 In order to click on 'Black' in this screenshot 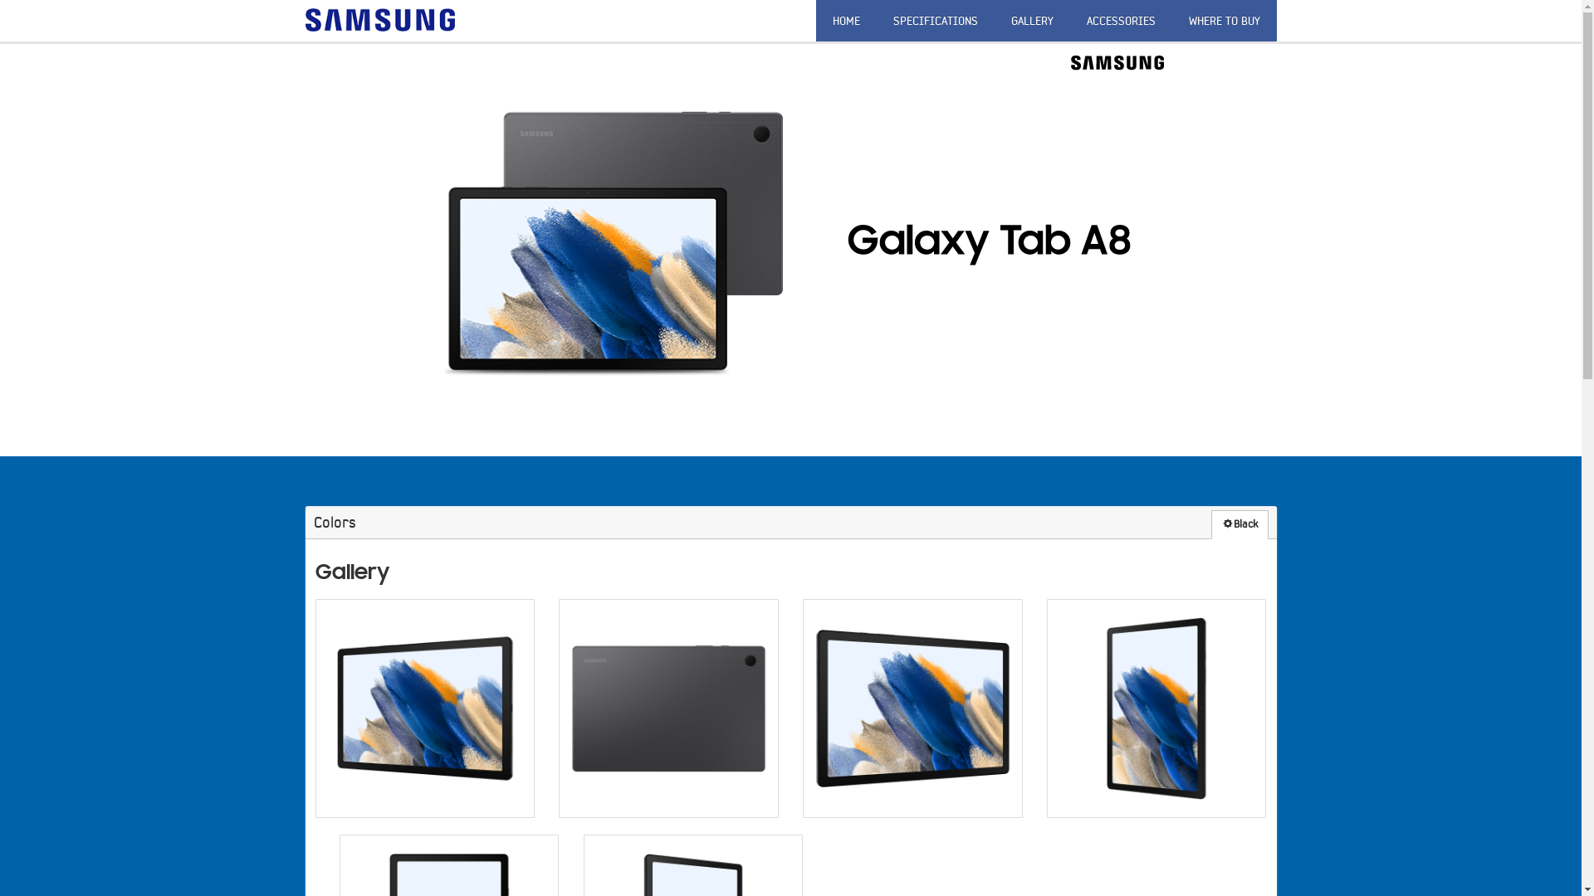, I will do `click(1239, 524)`.